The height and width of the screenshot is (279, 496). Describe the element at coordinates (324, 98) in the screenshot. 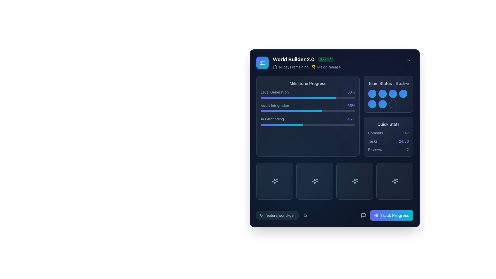

I see `progress` at that location.